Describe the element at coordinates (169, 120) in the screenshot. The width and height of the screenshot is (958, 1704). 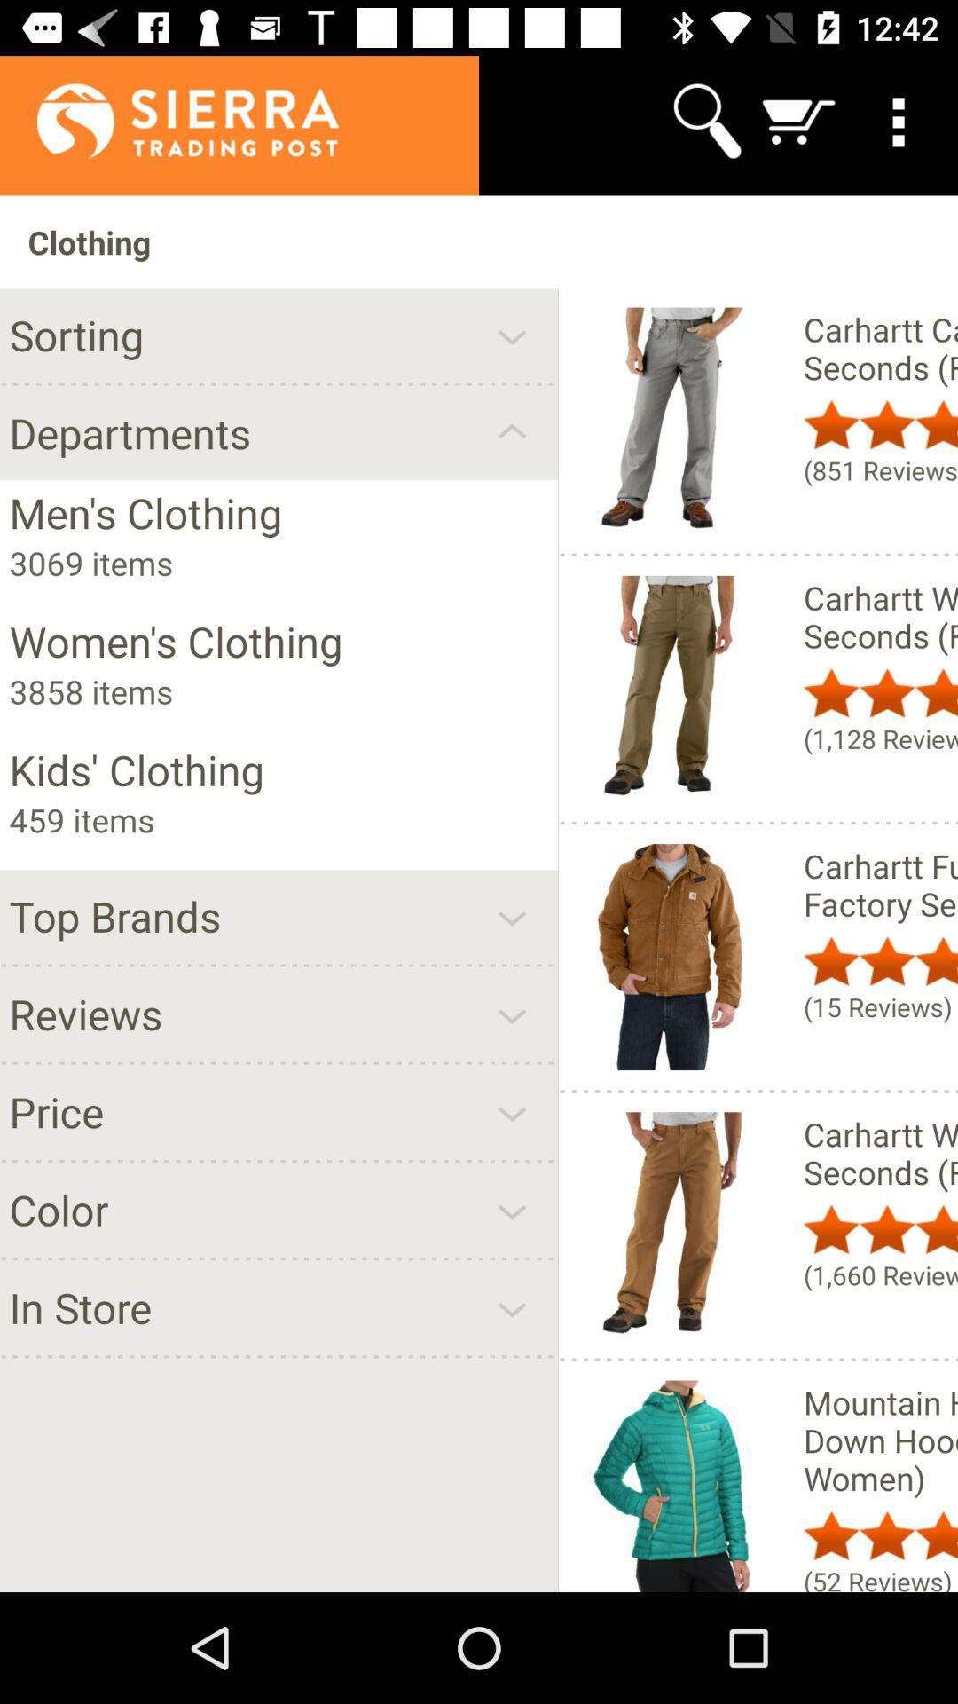
I see `the app above clothing item` at that location.